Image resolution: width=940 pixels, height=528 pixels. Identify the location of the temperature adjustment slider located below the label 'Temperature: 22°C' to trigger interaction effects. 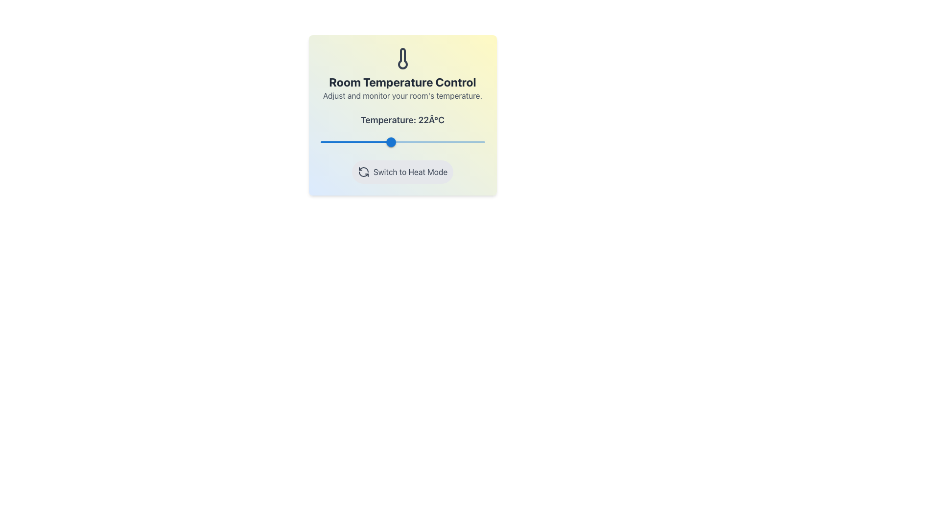
(402, 142).